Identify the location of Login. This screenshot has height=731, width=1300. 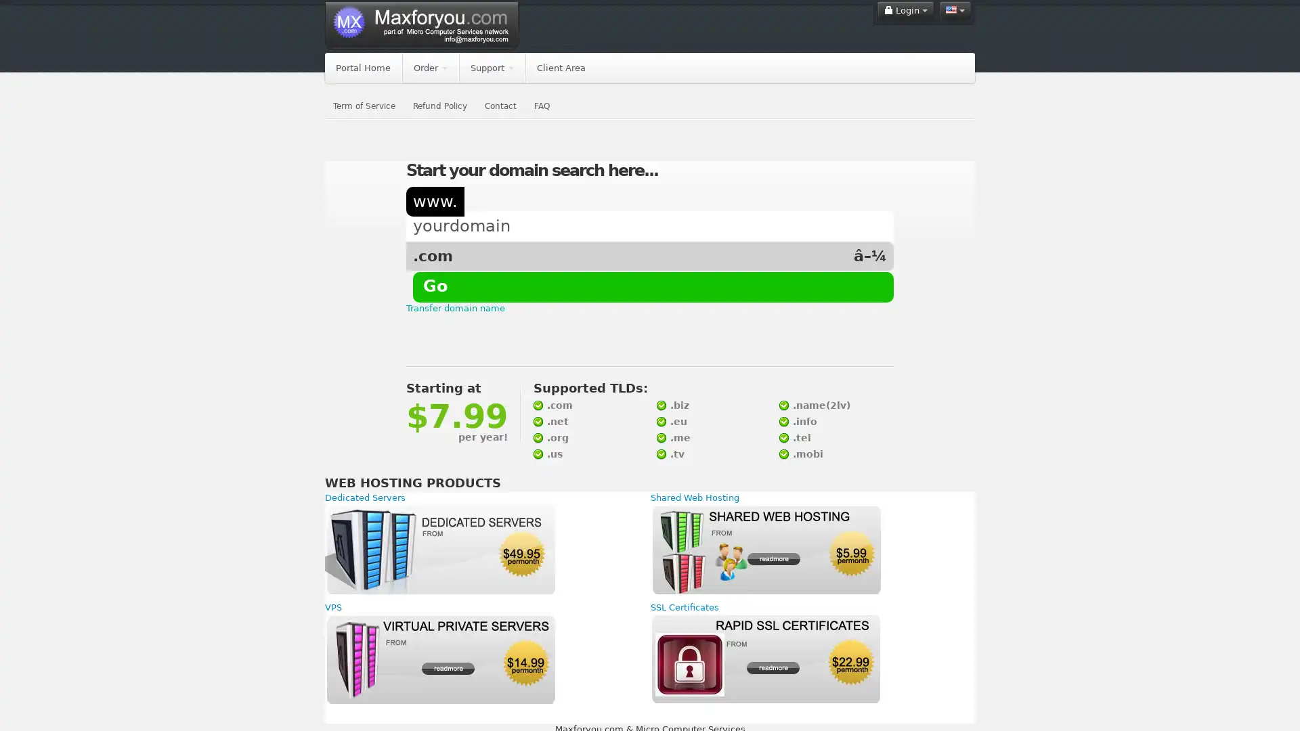
(905, 10).